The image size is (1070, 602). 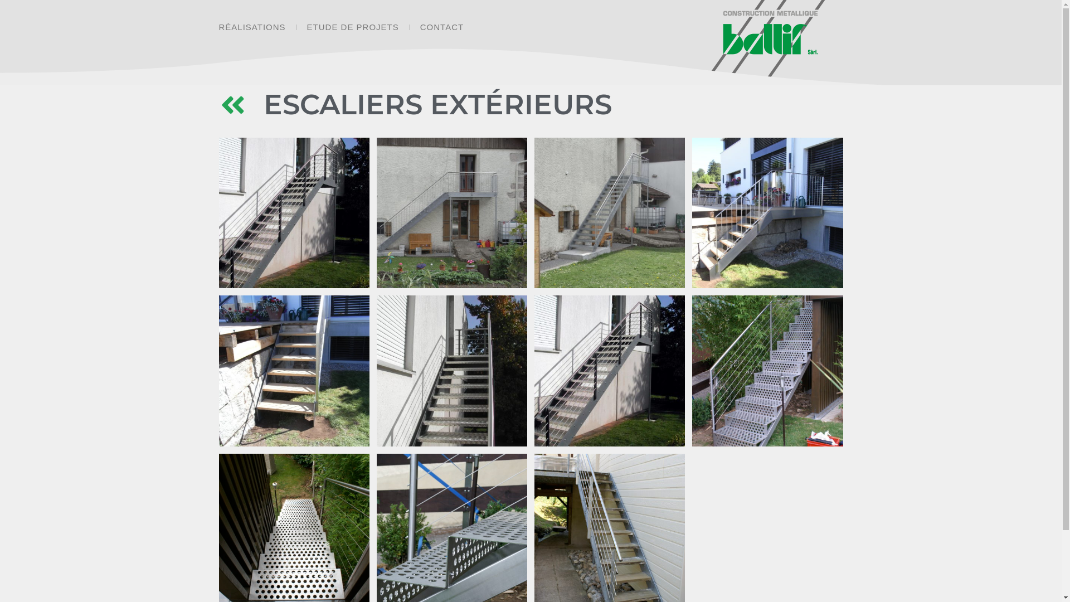 What do you see at coordinates (352, 27) in the screenshot?
I see `'ETUDE DE PROJETS'` at bounding box center [352, 27].